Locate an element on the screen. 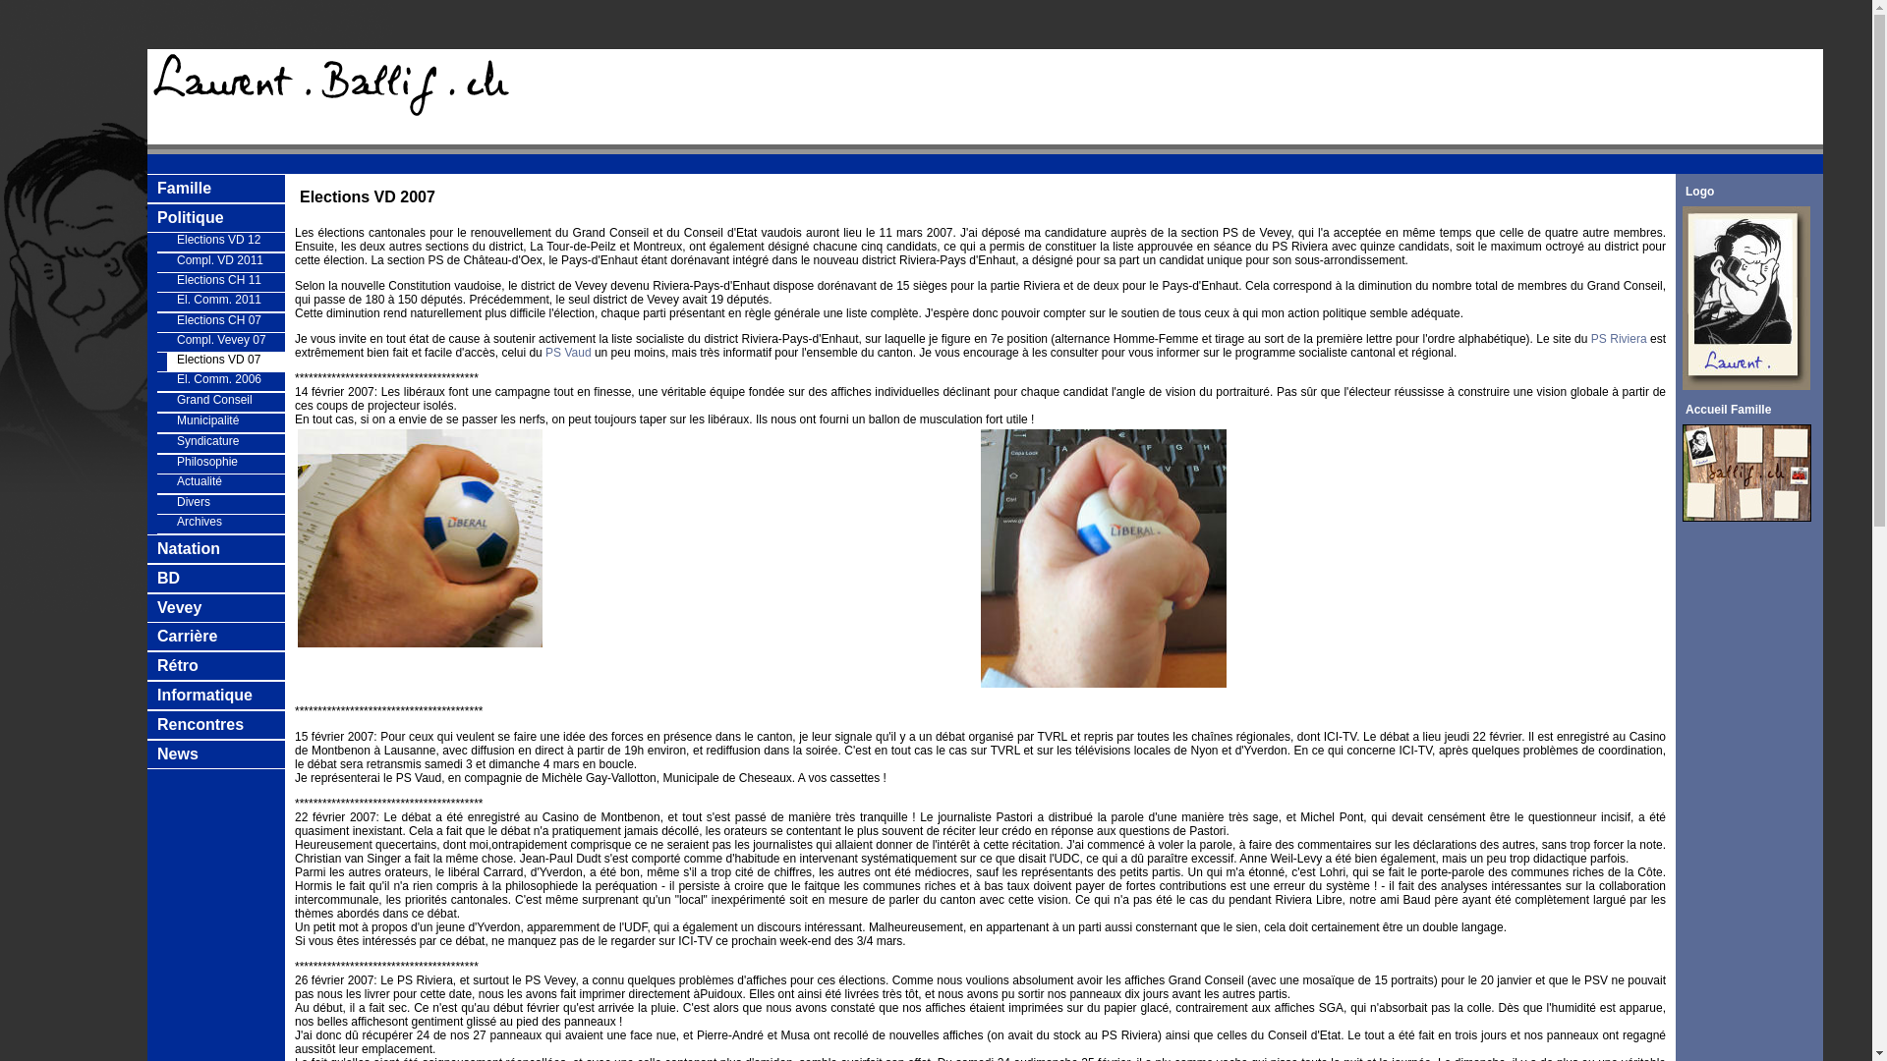 The image size is (1887, 1061). 'Informatique' is located at coordinates (221, 695).